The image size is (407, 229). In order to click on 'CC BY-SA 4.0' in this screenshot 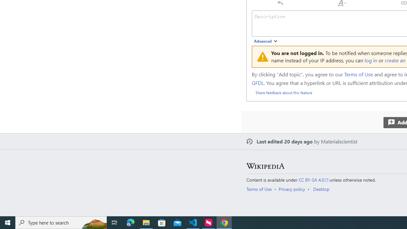, I will do `click(314, 180)`.